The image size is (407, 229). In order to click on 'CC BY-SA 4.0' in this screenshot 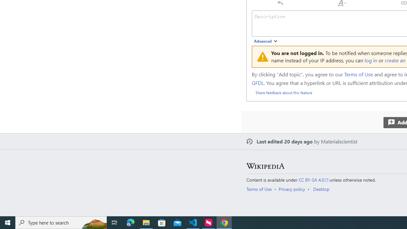, I will do `click(314, 180)`.